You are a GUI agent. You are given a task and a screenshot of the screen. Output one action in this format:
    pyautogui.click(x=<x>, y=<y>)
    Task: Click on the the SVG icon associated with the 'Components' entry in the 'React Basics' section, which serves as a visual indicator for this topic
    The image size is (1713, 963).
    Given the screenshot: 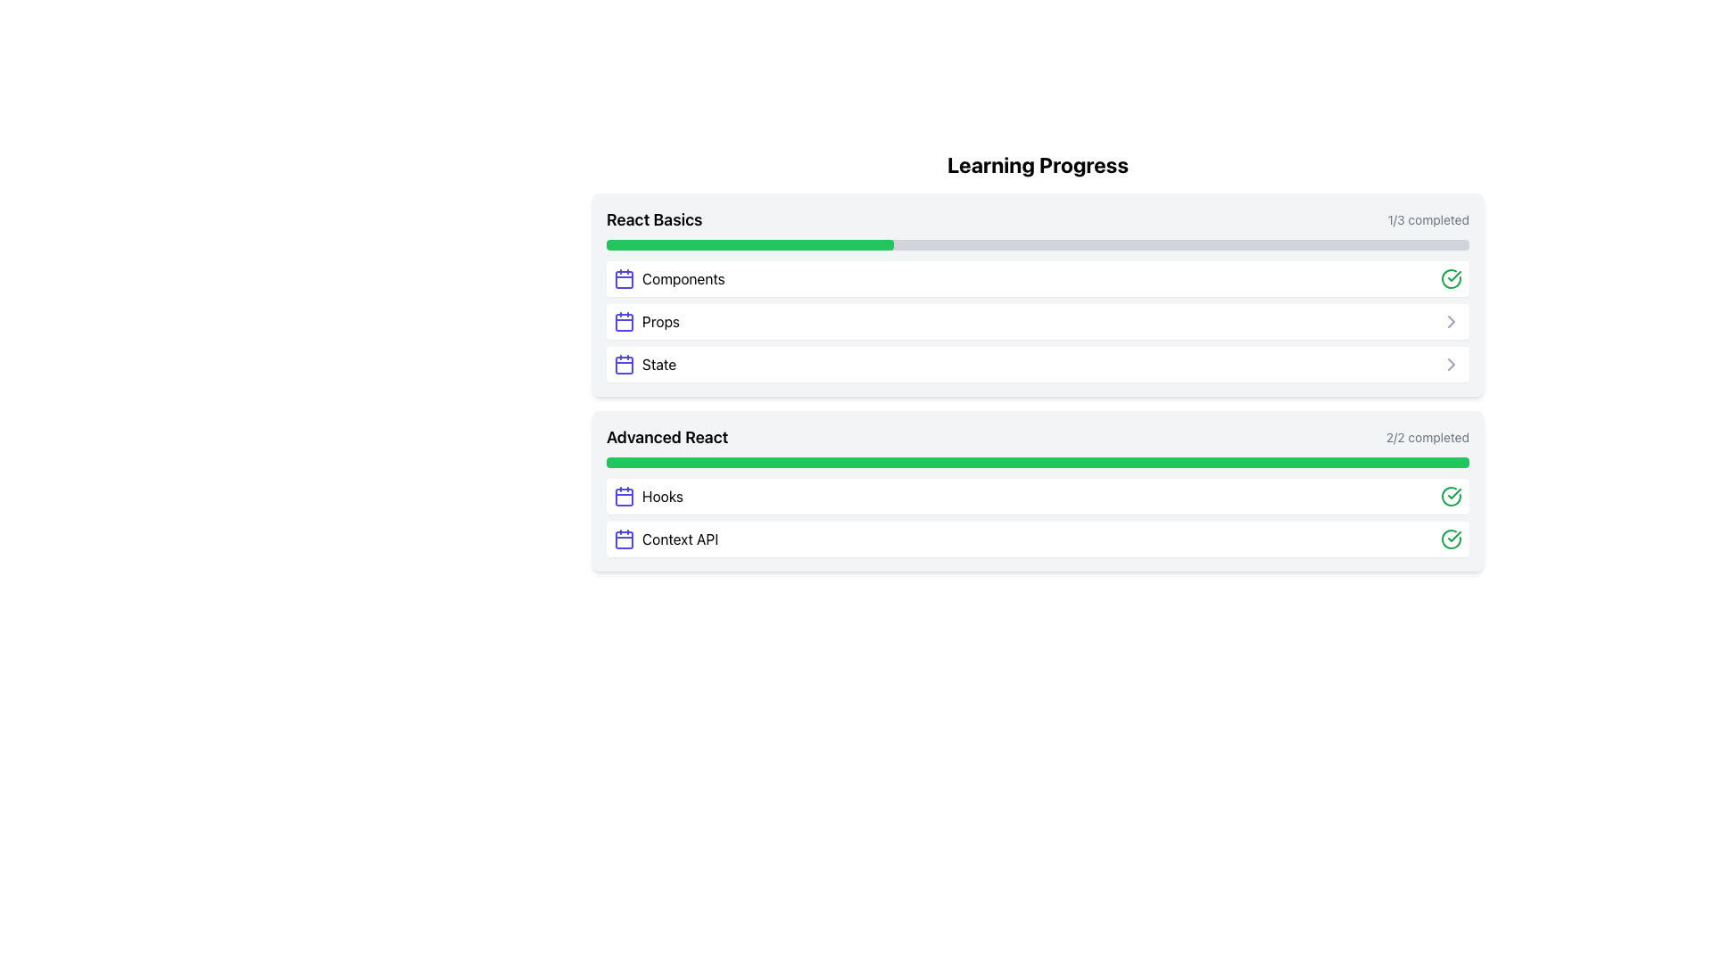 What is the action you would take?
    pyautogui.click(x=625, y=278)
    